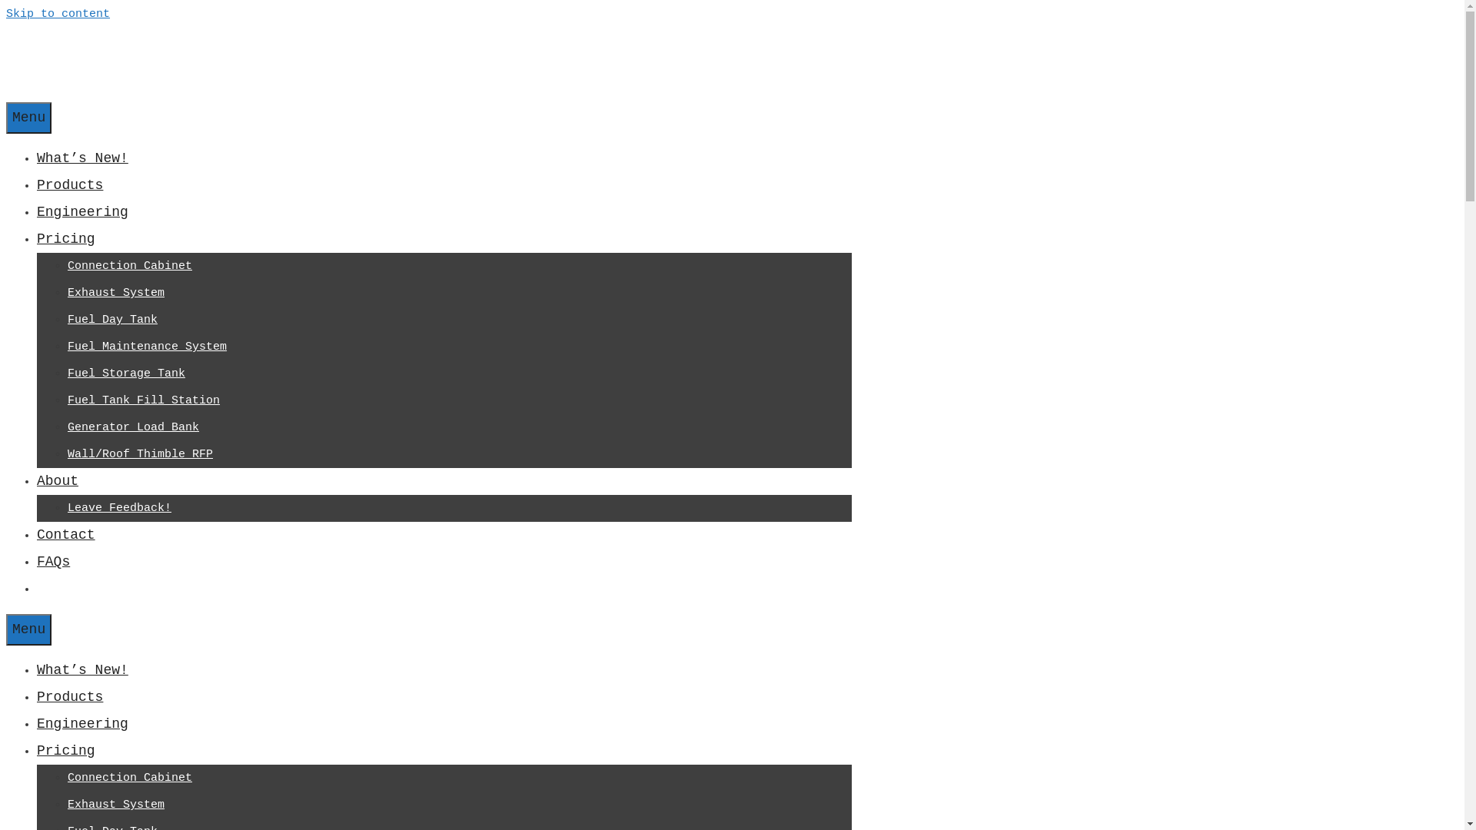  Describe the element at coordinates (58, 14) in the screenshot. I see `'Skip to content'` at that location.